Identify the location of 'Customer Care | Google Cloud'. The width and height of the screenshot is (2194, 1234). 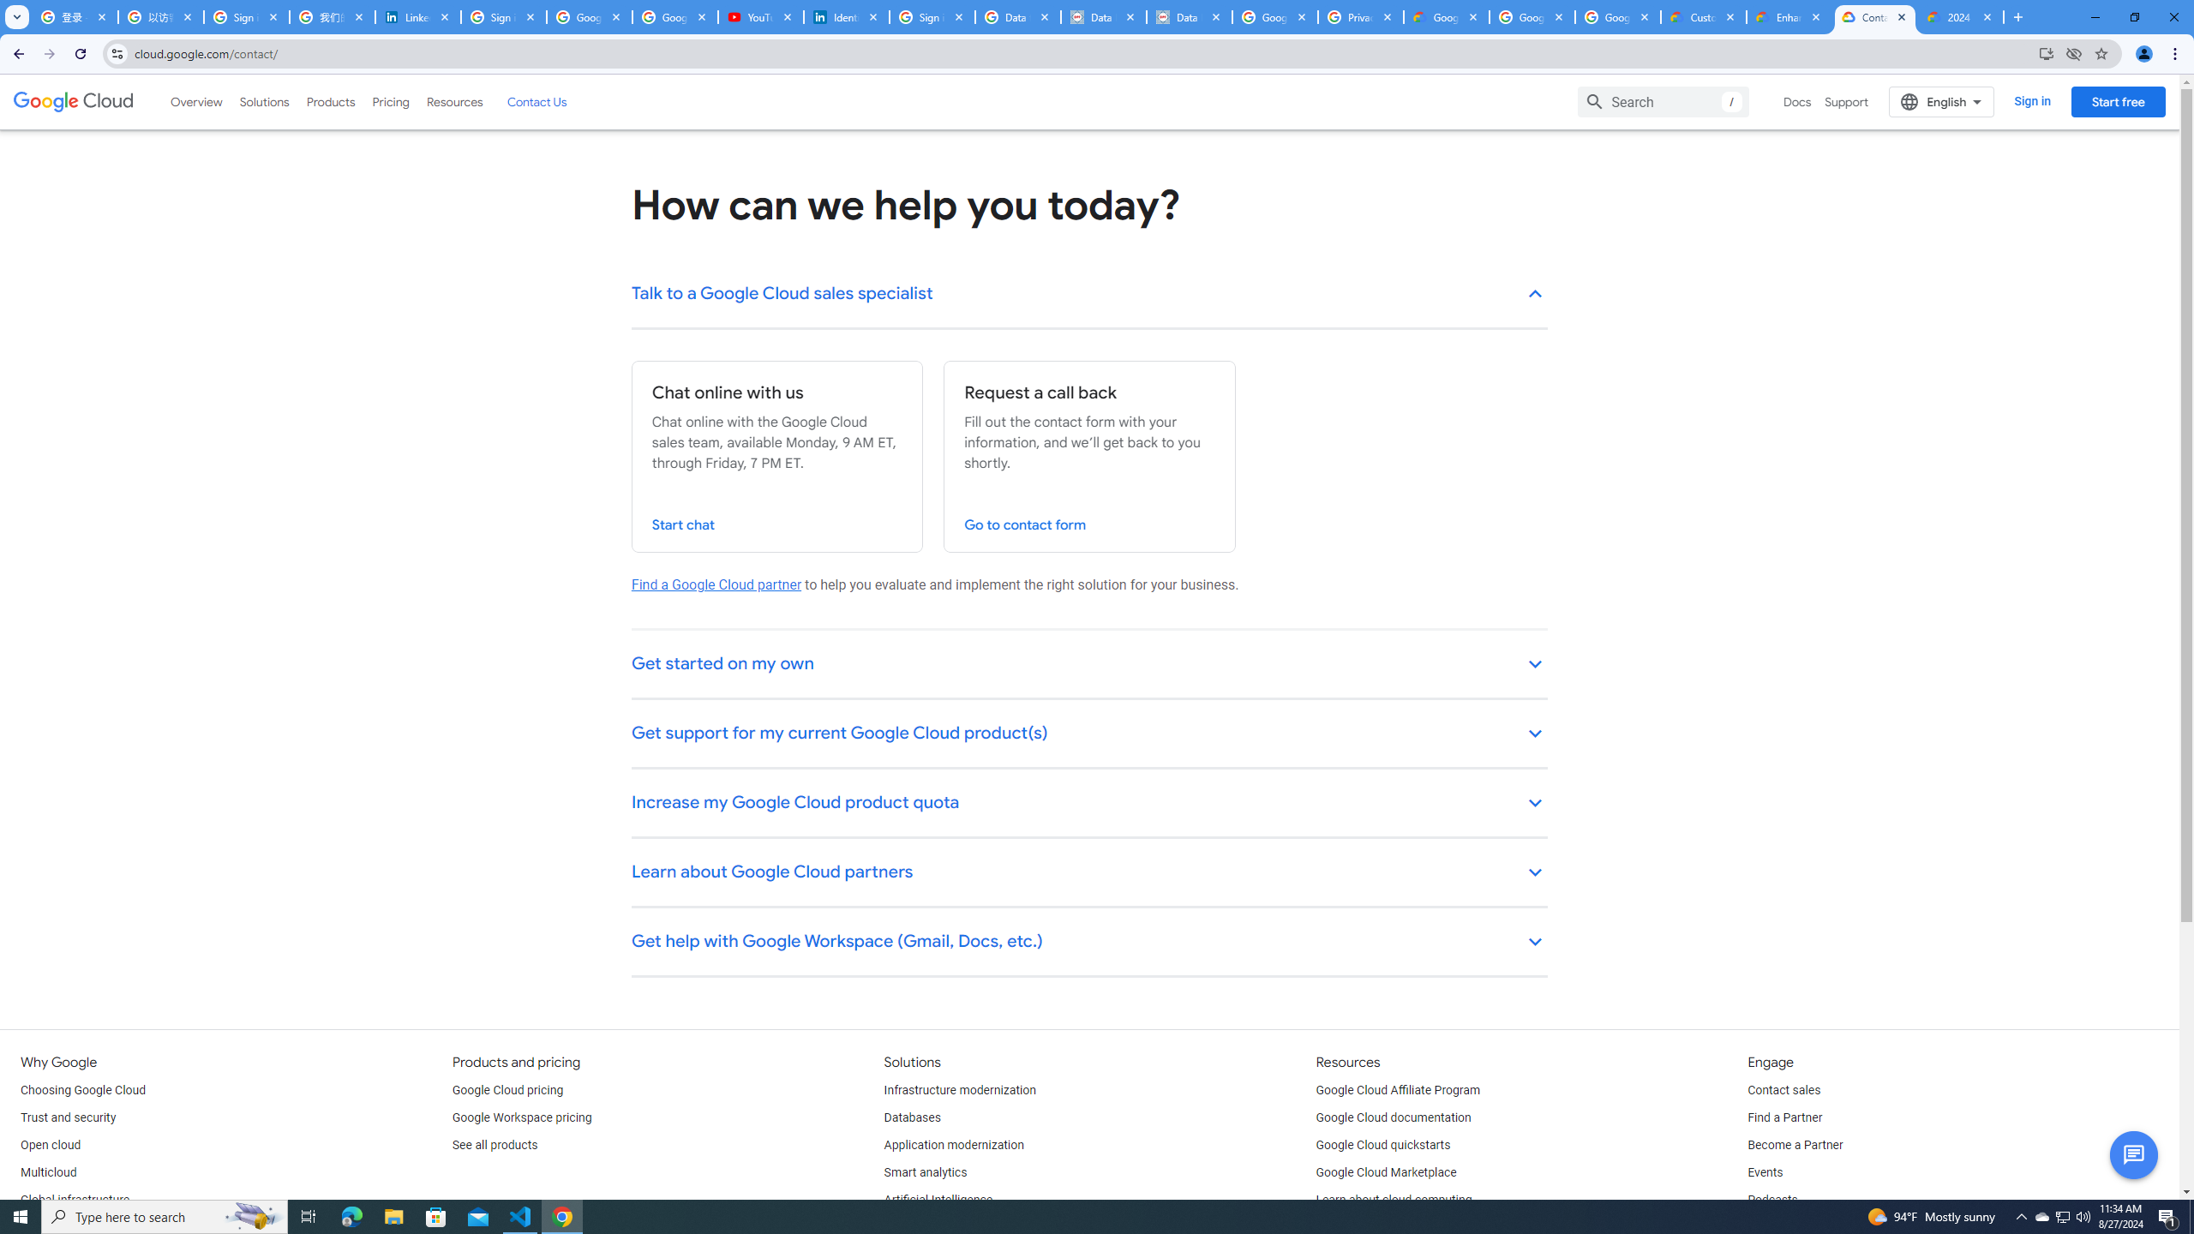
(1705, 16).